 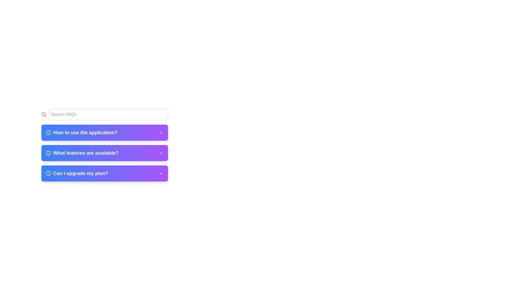 I want to click on the SVG circle element that represents the search icon, located in the top left corner of the interface, next to the search input field, so click(x=44, y=114).